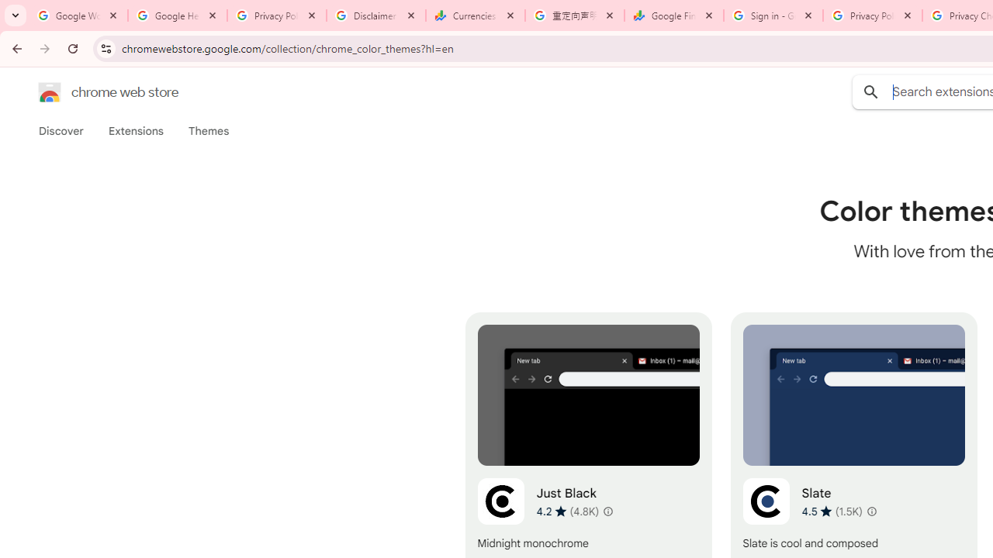  What do you see at coordinates (567, 511) in the screenshot?
I see `'Average rating 4.2 out of 5 stars. 4.8K ratings.'` at bounding box center [567, 511].